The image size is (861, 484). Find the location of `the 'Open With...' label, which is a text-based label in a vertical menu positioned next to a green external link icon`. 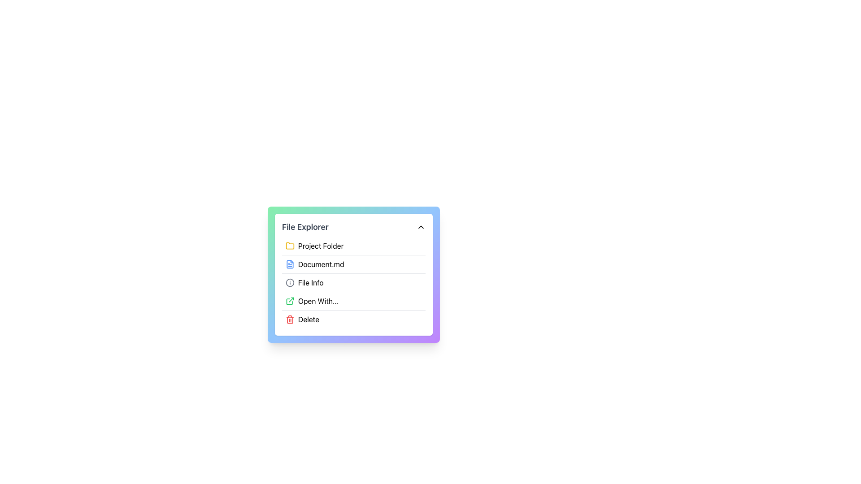

the 'Open With...' label, which is a text-based label in a vertical menu positioned next to a green external link icon is located at coordinates (318, 301).